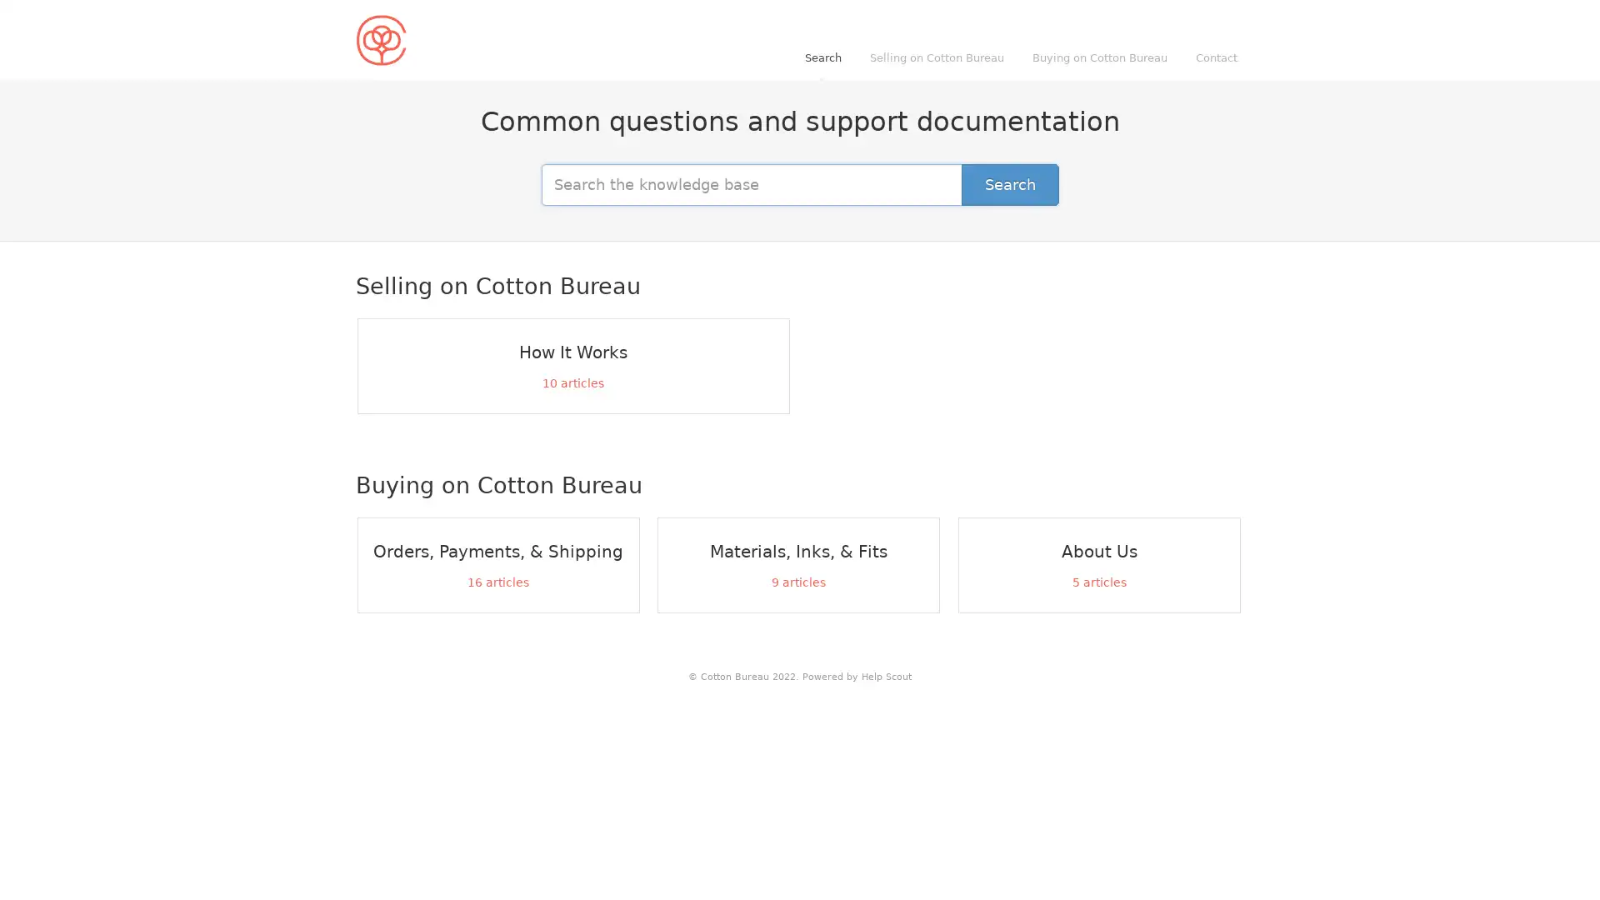  What do you see at coordinates (1009, 183) in the screenshot?
I see `Search` at bounding box center [1009, 183].